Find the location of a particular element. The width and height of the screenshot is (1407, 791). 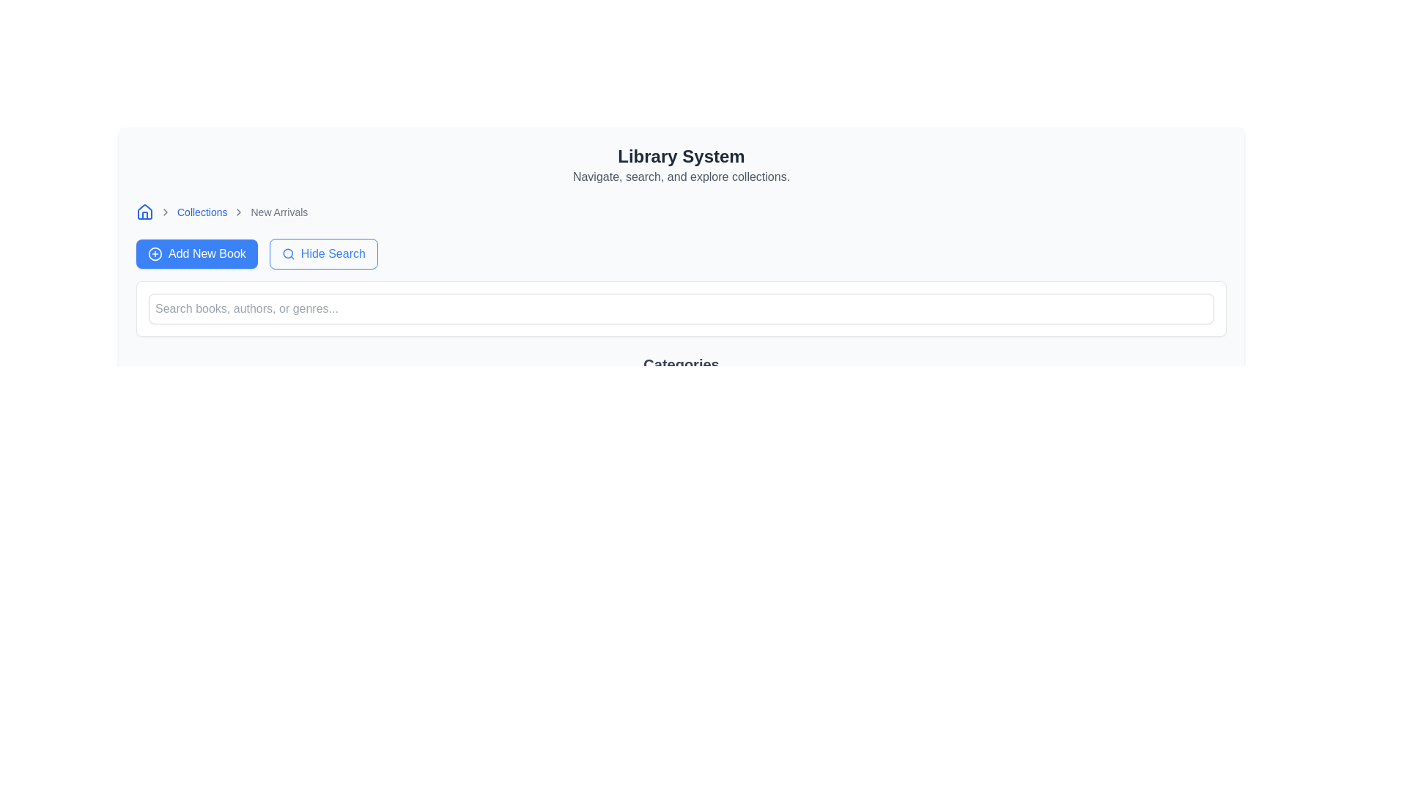

the text block at the top central part of the Library System interface, which serves as a title and subtitle, to observe possible visual effects is located at coordinates (681, 165).